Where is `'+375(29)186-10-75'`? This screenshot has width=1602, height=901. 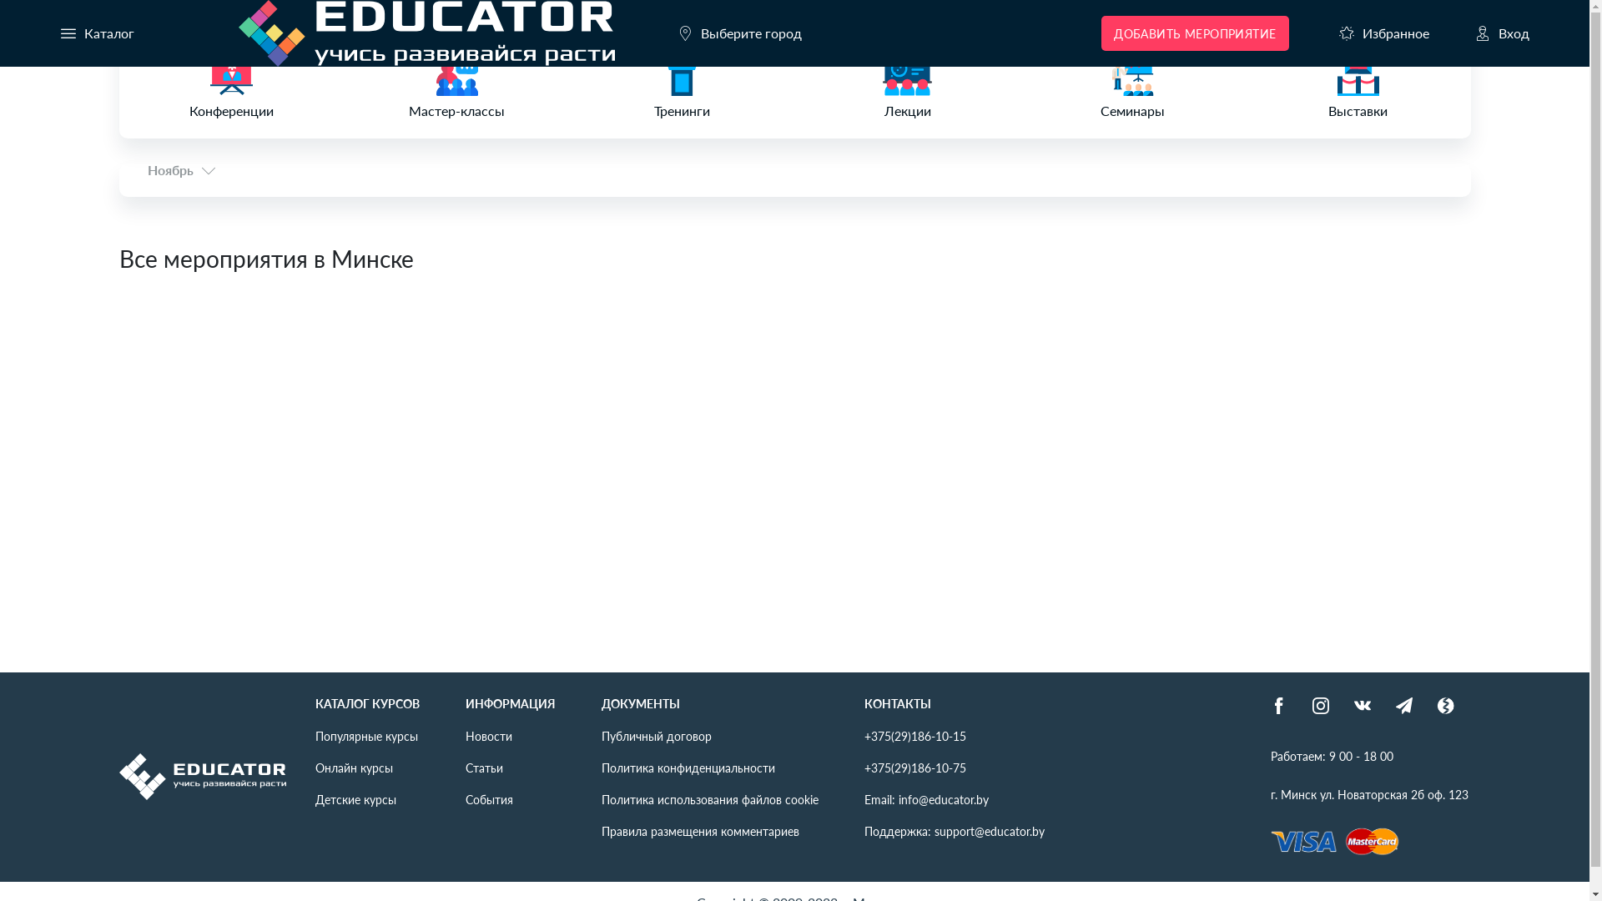
'+375(29)186-10-75' is located at coordinates (914, 768).